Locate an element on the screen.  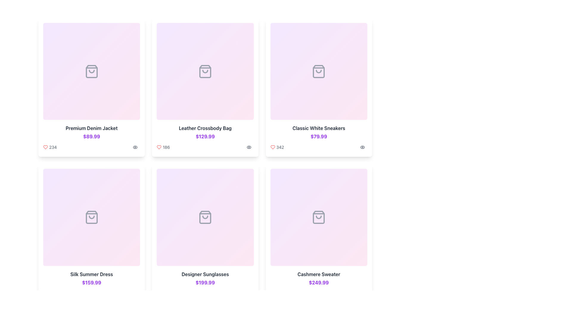
the text displaying the number of likes or favorites for the 'Premium Denim Jacket' product, located to the right of the red heart icon is located at coordinates (53, 147).